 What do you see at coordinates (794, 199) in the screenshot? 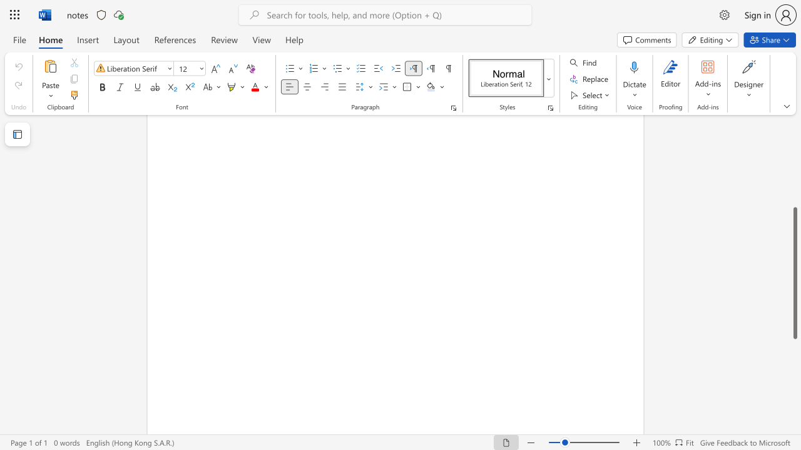
I see `the scrollbar to scroll the page up` at bounding box center [794, 199].